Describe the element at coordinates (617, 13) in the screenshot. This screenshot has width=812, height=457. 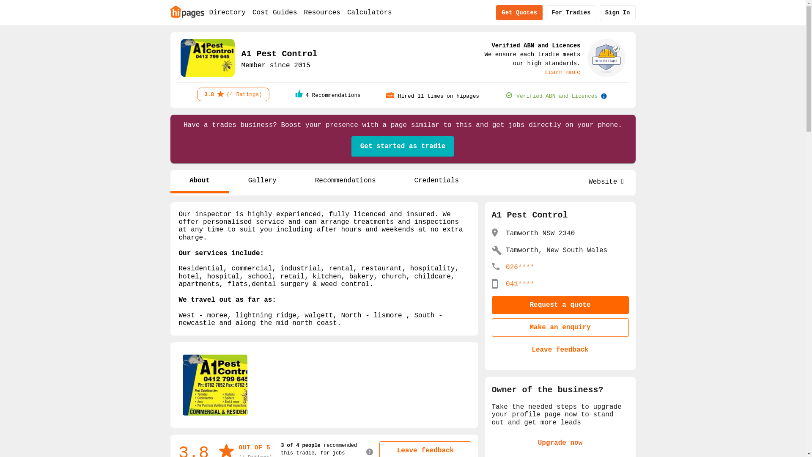
I see `'Sign In'` at that location.